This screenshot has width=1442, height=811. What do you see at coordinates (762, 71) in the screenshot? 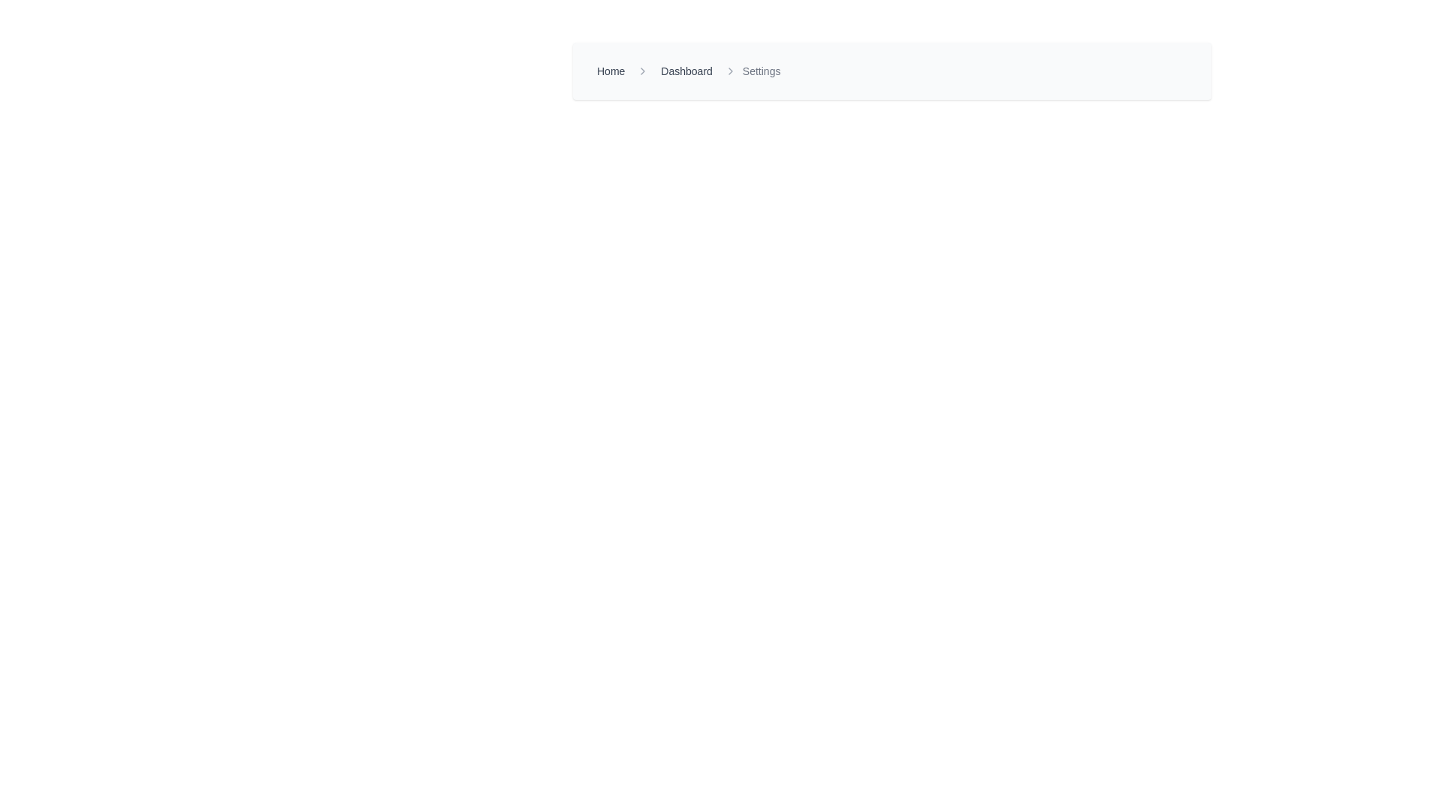
I see `the breadcrumb text label indicating the current page or section, located at the top-center of the layout, following the 'Dashboard' text and a right-chevron icon` at bounding box center [762, 71].